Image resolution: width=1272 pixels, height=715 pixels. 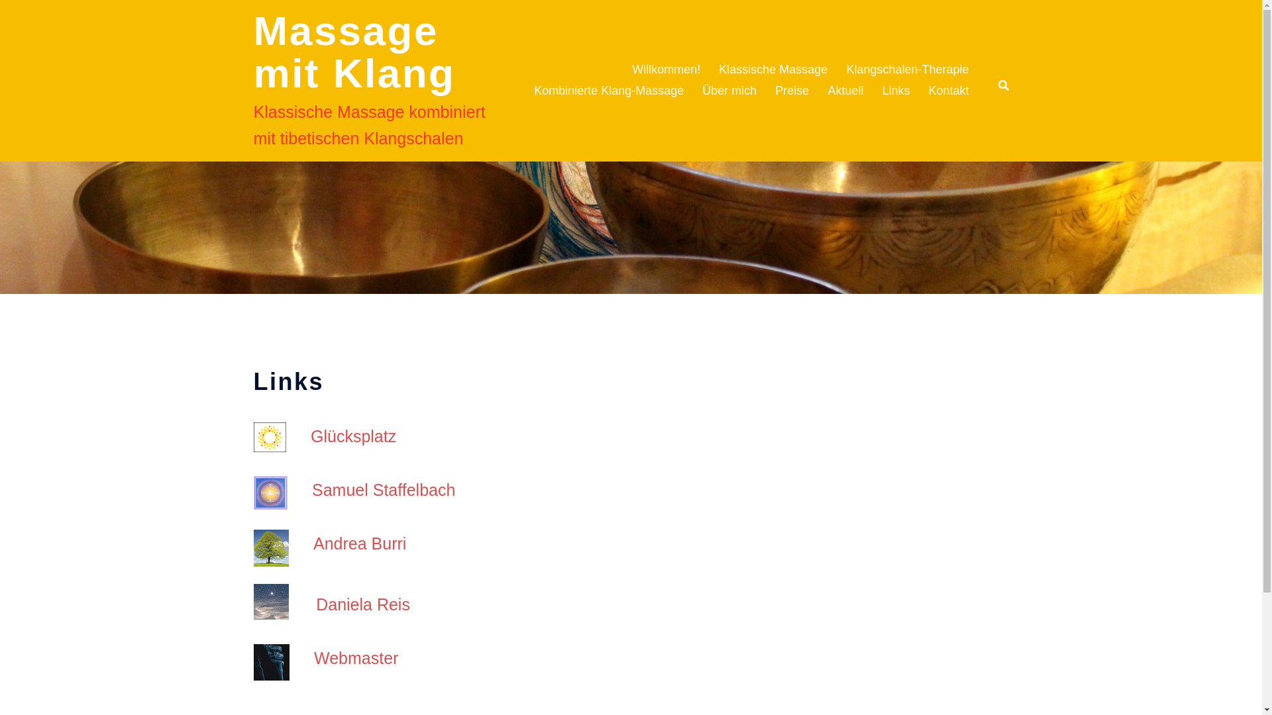 What do you see at coordinates (354, 51) in the screenshot?
I see `'Massage mit Klang'` at bounding box center [354, 51].